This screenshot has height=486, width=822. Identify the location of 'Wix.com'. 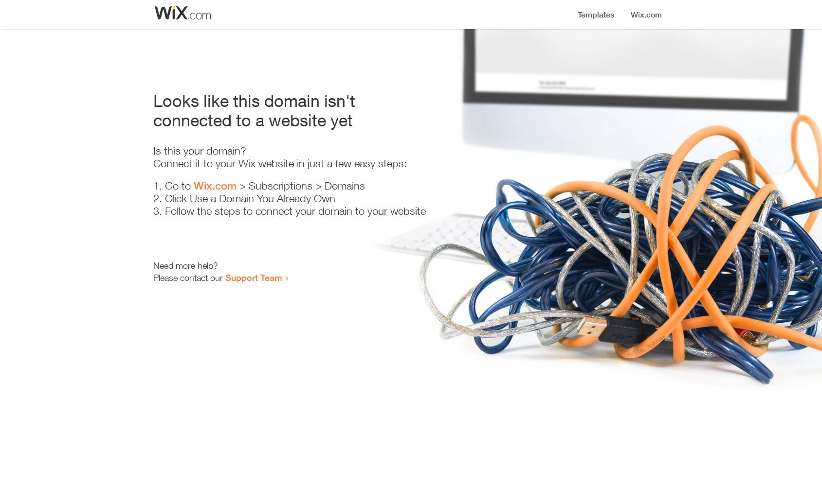
(214, 186).